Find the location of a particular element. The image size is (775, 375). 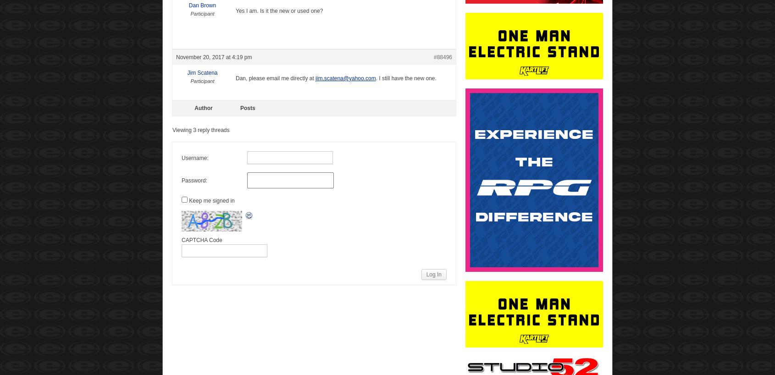

'#88496' is located at coordinates (443, 57).